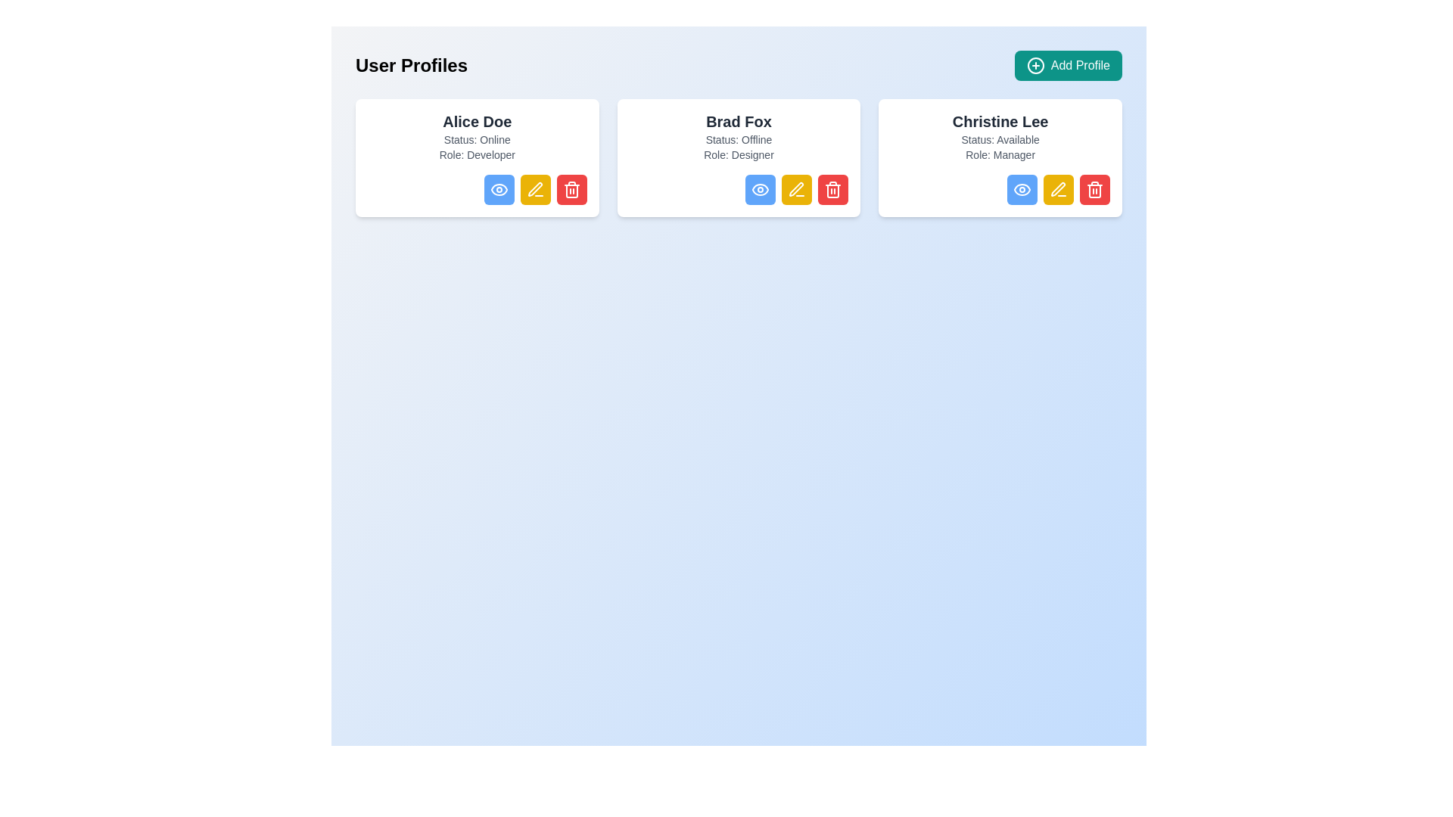 This screenshot has height=817, width=1453. What do you see at coordinates (476, 121) in the screenshot?
I see `the title text 'Alice Doe' which is styled with bold, large font and positioned prominently at the top of the leftmost profile card` at bounding box center [476, 121].